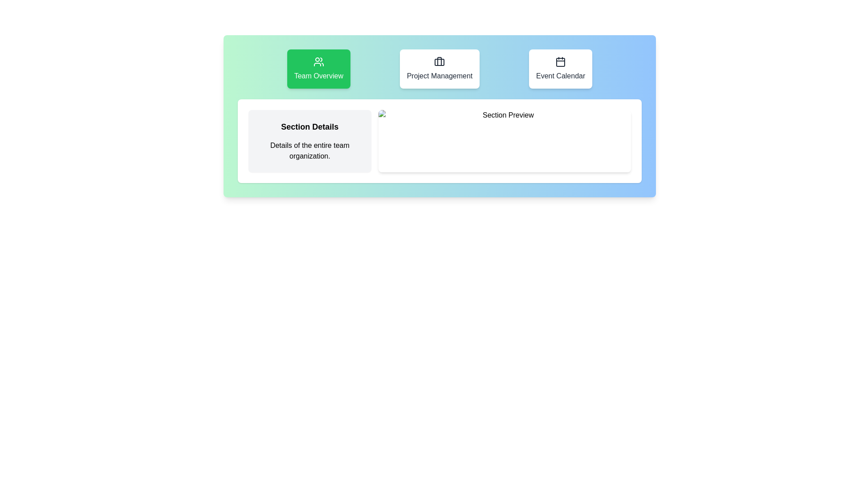 This screenshot has width=855, height=481. What do you see at coordinates (318, 75) in the screenshot?
I see `text label displaying 'Team Overview' which is centered on a green rounded button in the horizontal navigation menu` at bounding box center [318, 75].